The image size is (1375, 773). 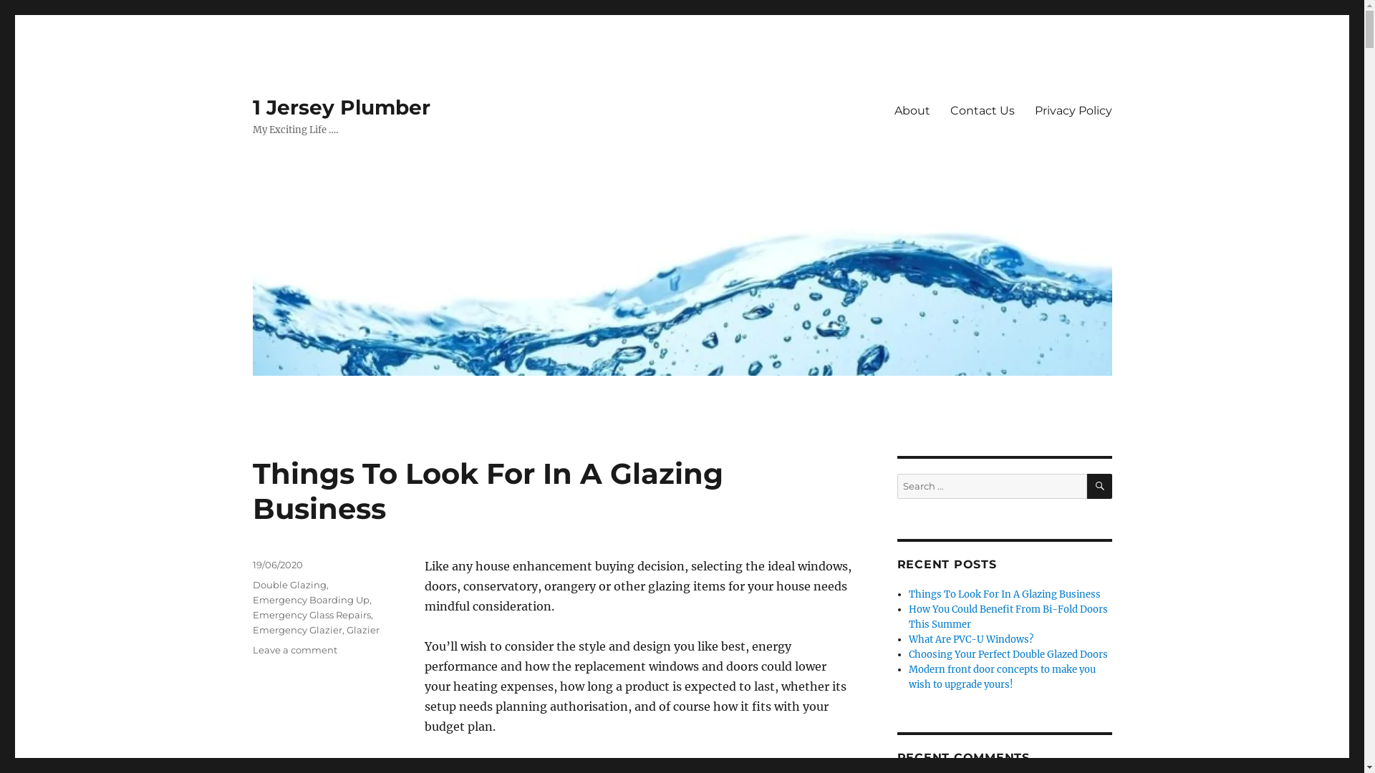 I want to click on 'Glazier', so click(x=363, y=628).